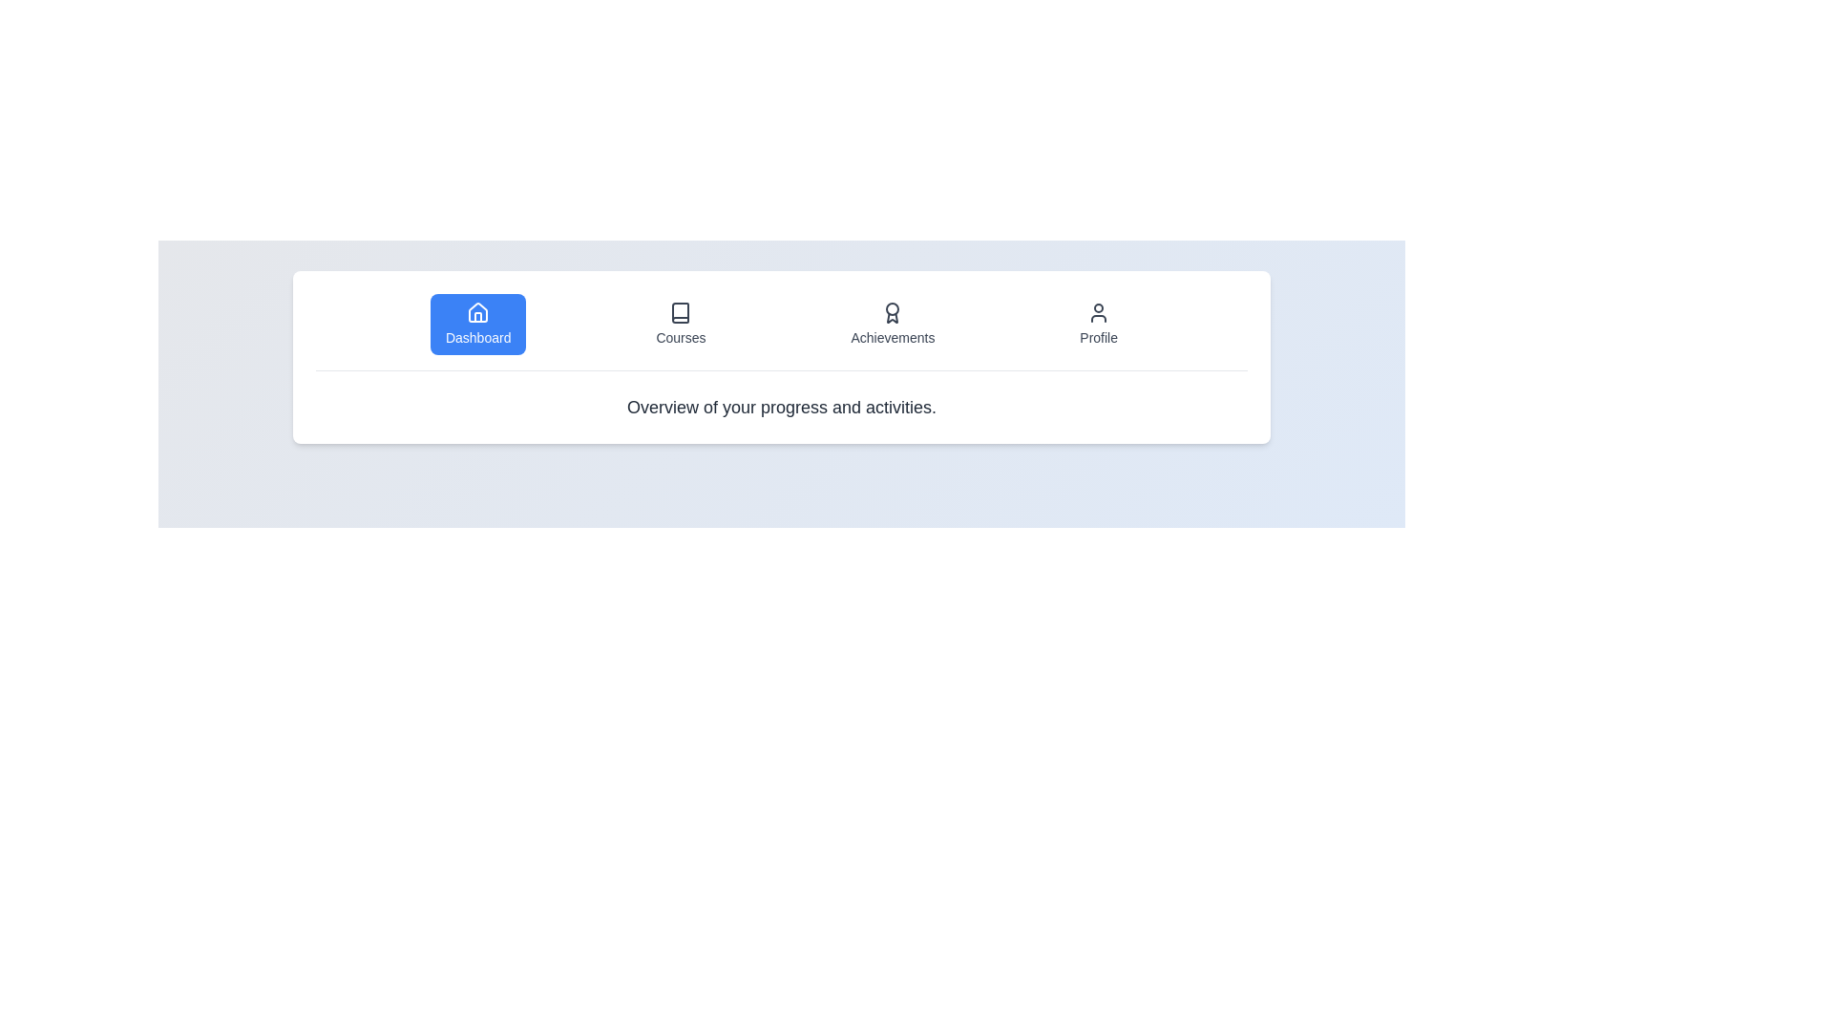 The image size is (1833, 1031). I want to click on the 'Achievements' button, which features a medal-like icon above the text, so click(892, 323).